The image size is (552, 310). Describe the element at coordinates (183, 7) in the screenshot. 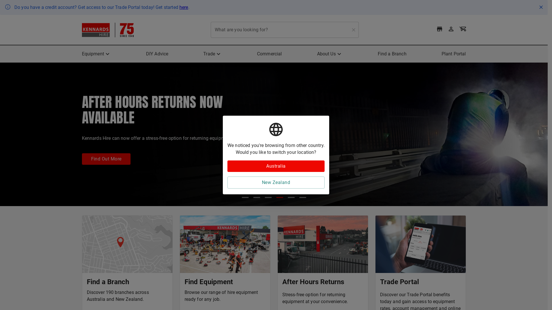

I see `'here'` at that location.